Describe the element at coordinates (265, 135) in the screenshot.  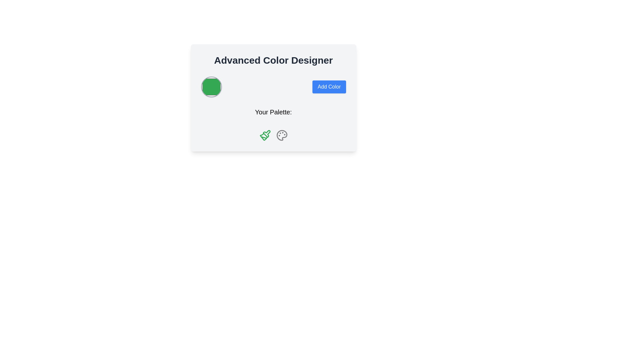
I see `the green paintbrush icon, which is the first element from the left in the 'Your Palette' group` at that location.